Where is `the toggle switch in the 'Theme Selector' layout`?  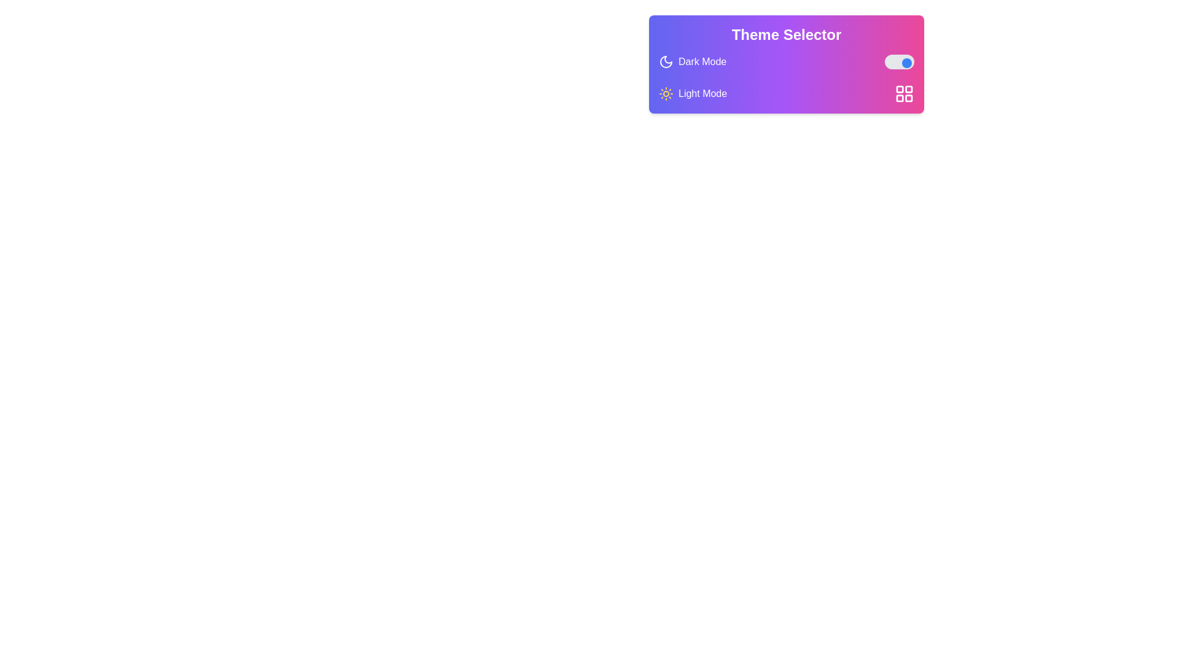
the toggle switch in the 'Theme Selector' layout is located at coordinates (899, 61).